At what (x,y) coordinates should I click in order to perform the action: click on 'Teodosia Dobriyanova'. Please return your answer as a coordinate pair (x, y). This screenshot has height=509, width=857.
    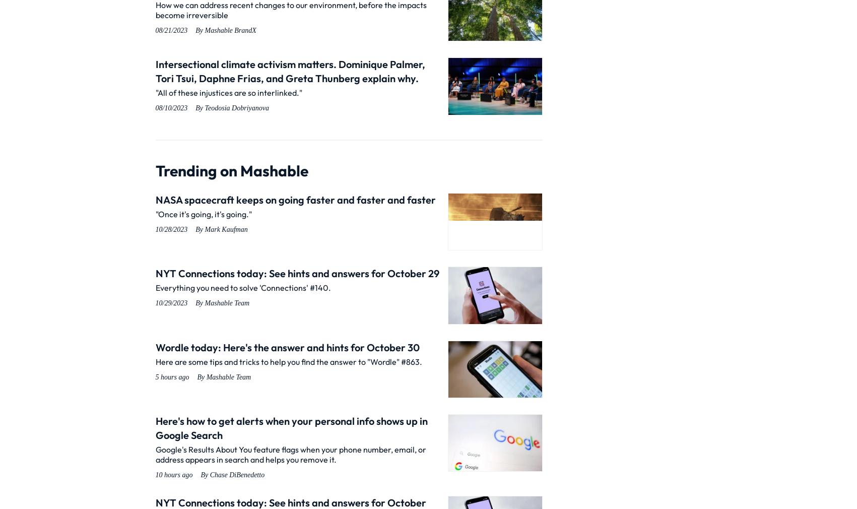
    Looking at the image, I should click on (204, 107).